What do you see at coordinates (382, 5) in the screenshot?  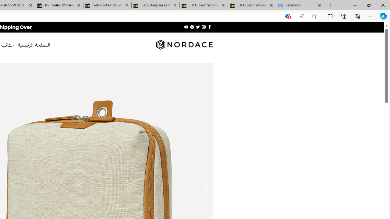 I see `'Close'` at bounding box center [382, 5].